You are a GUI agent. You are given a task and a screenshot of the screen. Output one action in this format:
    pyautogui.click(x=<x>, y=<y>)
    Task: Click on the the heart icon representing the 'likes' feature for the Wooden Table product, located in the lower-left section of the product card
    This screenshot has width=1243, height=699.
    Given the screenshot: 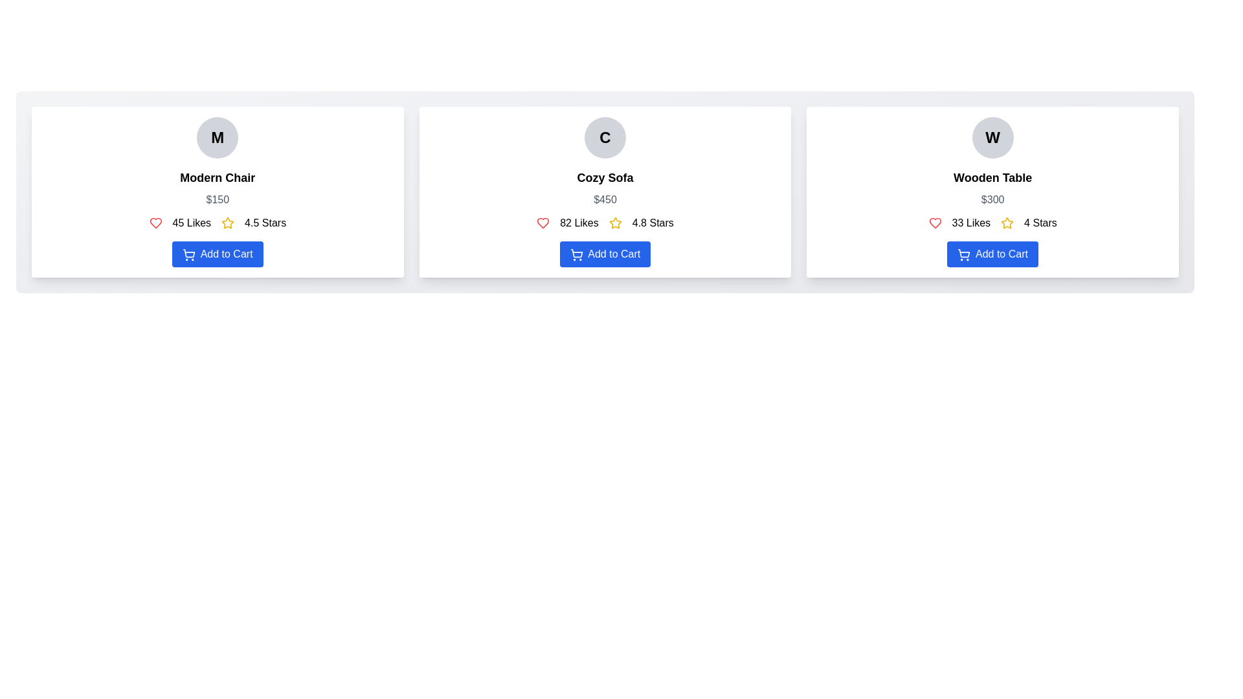 What is the action you would take?
    pyautogui.click(x=935, y=222)
    